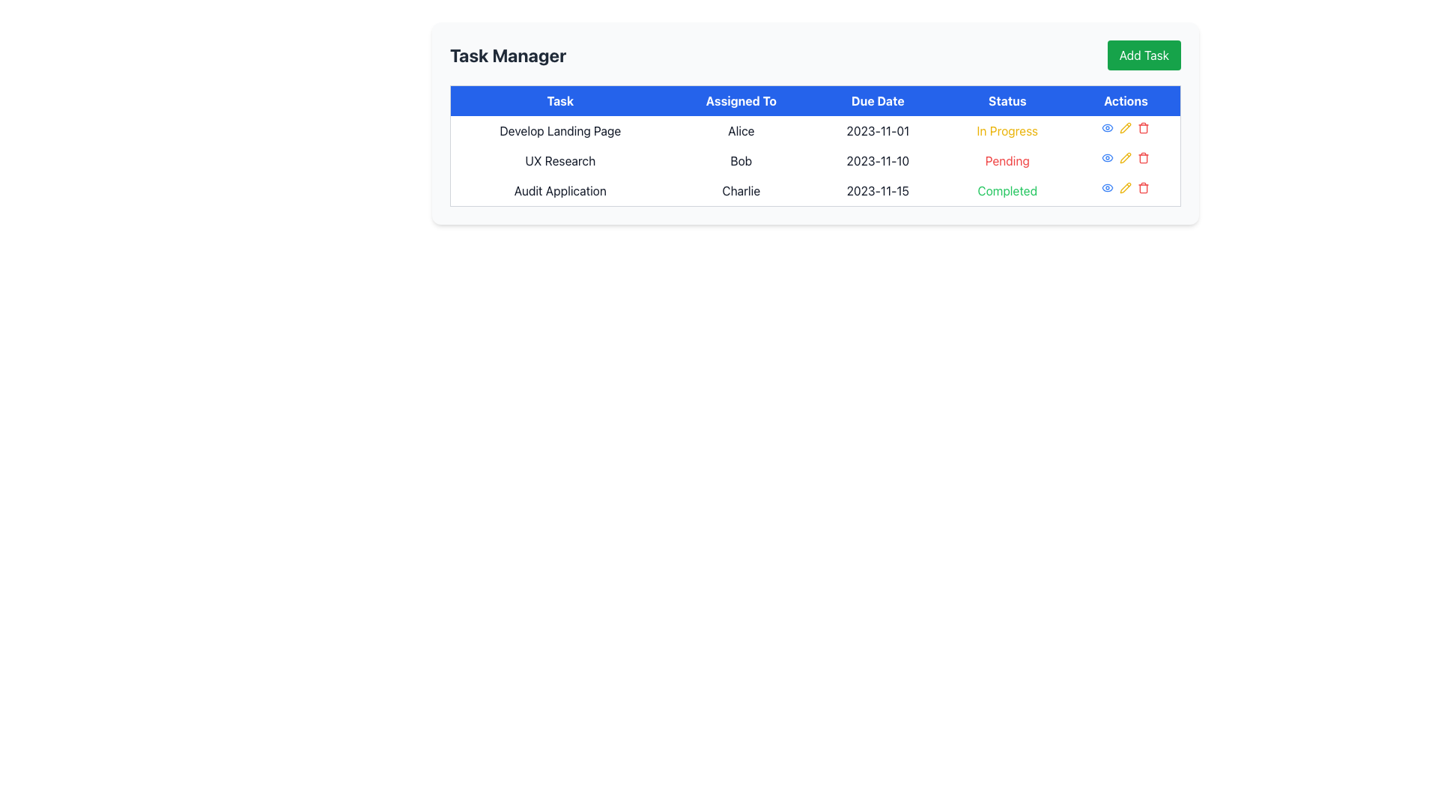 The width and height of the screenshot is (1438, 809). I want to click on the 'Due Date' text label in the third row of the table, which indicates the deadline for a specific task, so click(878, 190).